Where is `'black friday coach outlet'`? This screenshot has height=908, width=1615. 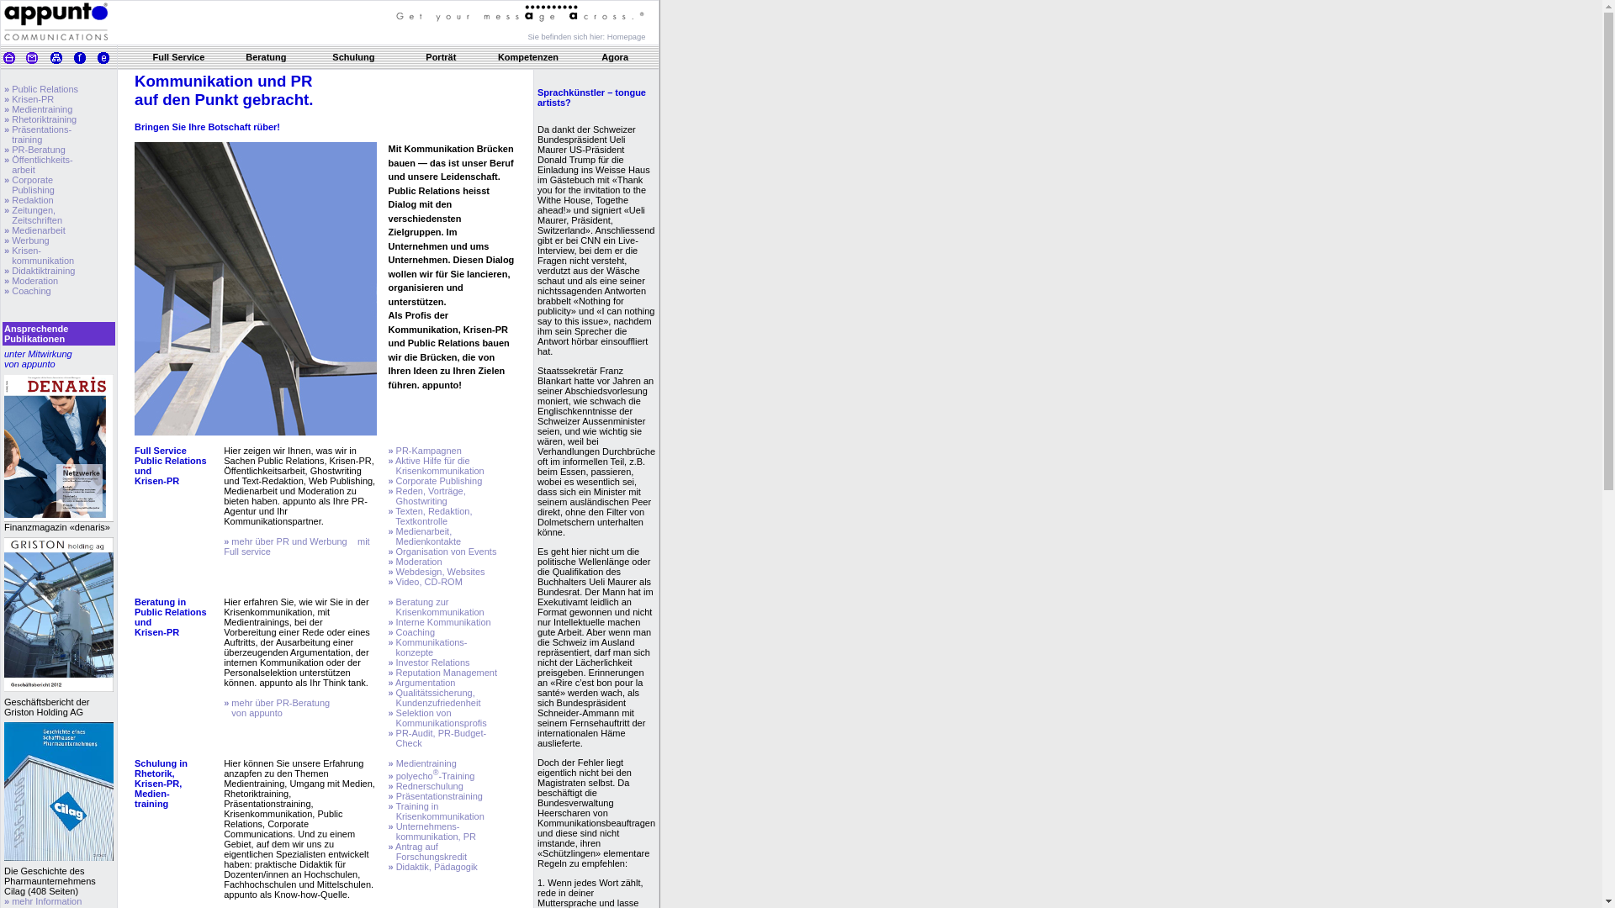
'black friday coach outlet' is located at coordinates (96, 73).